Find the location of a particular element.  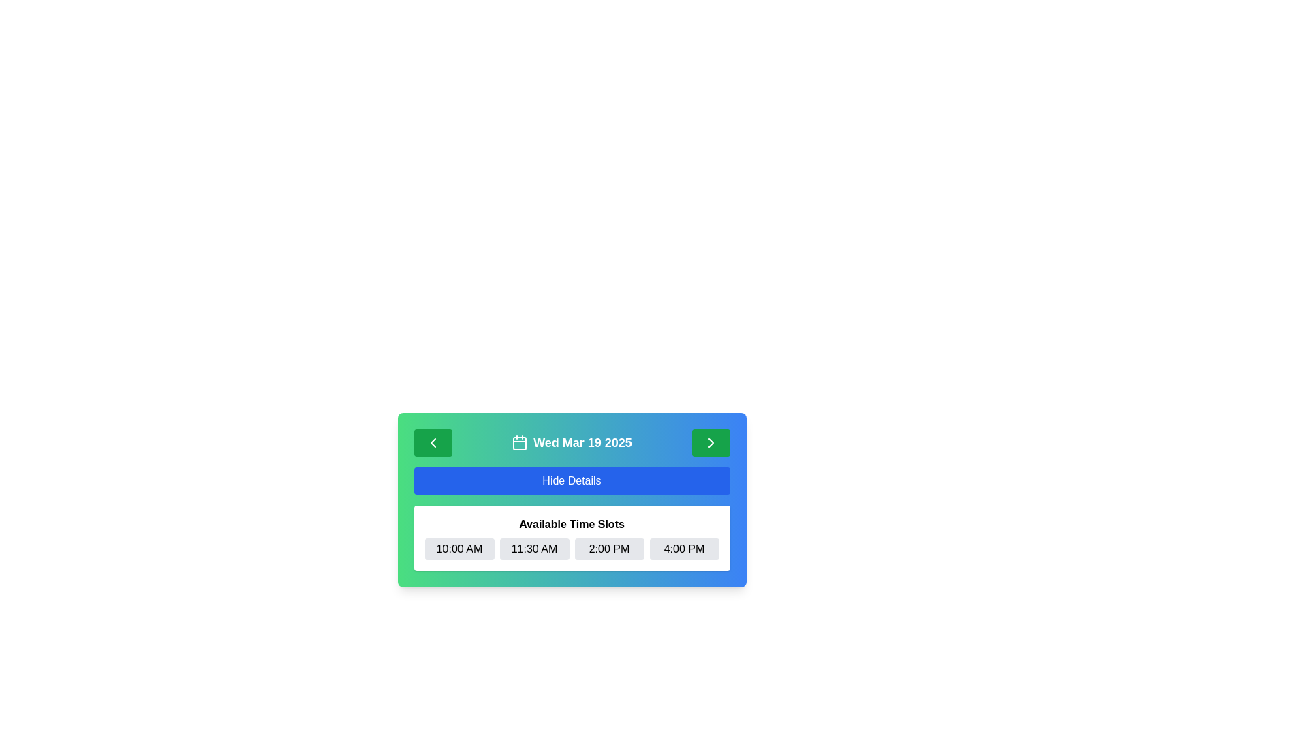

the pill-shaped button labeled '10:00 AM' with a gray background is located at coordinates (459, 549).